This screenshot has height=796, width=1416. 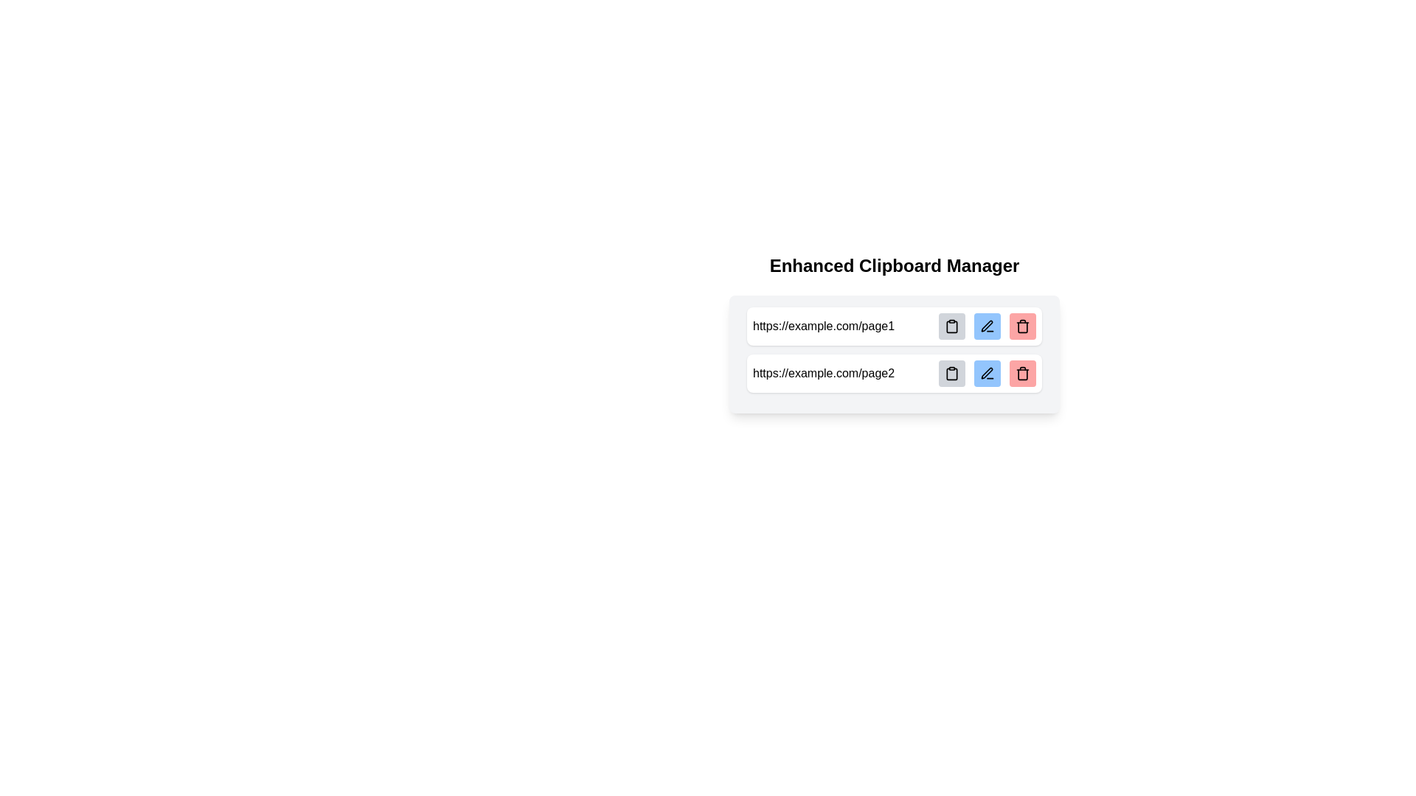 What do you see at coordinates (1022, 326) in the screenshot?
I see `the delete button located on the far right of the second row in the clipboard manager interface` at bounding box center [1022, 326].